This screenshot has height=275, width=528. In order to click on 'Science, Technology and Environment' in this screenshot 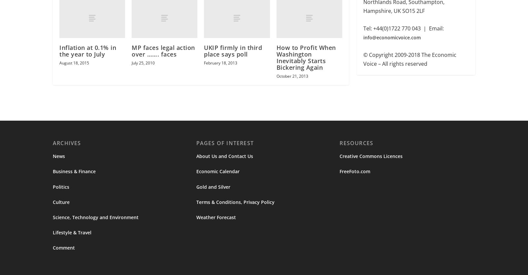, I will do `click(96, 218)`.